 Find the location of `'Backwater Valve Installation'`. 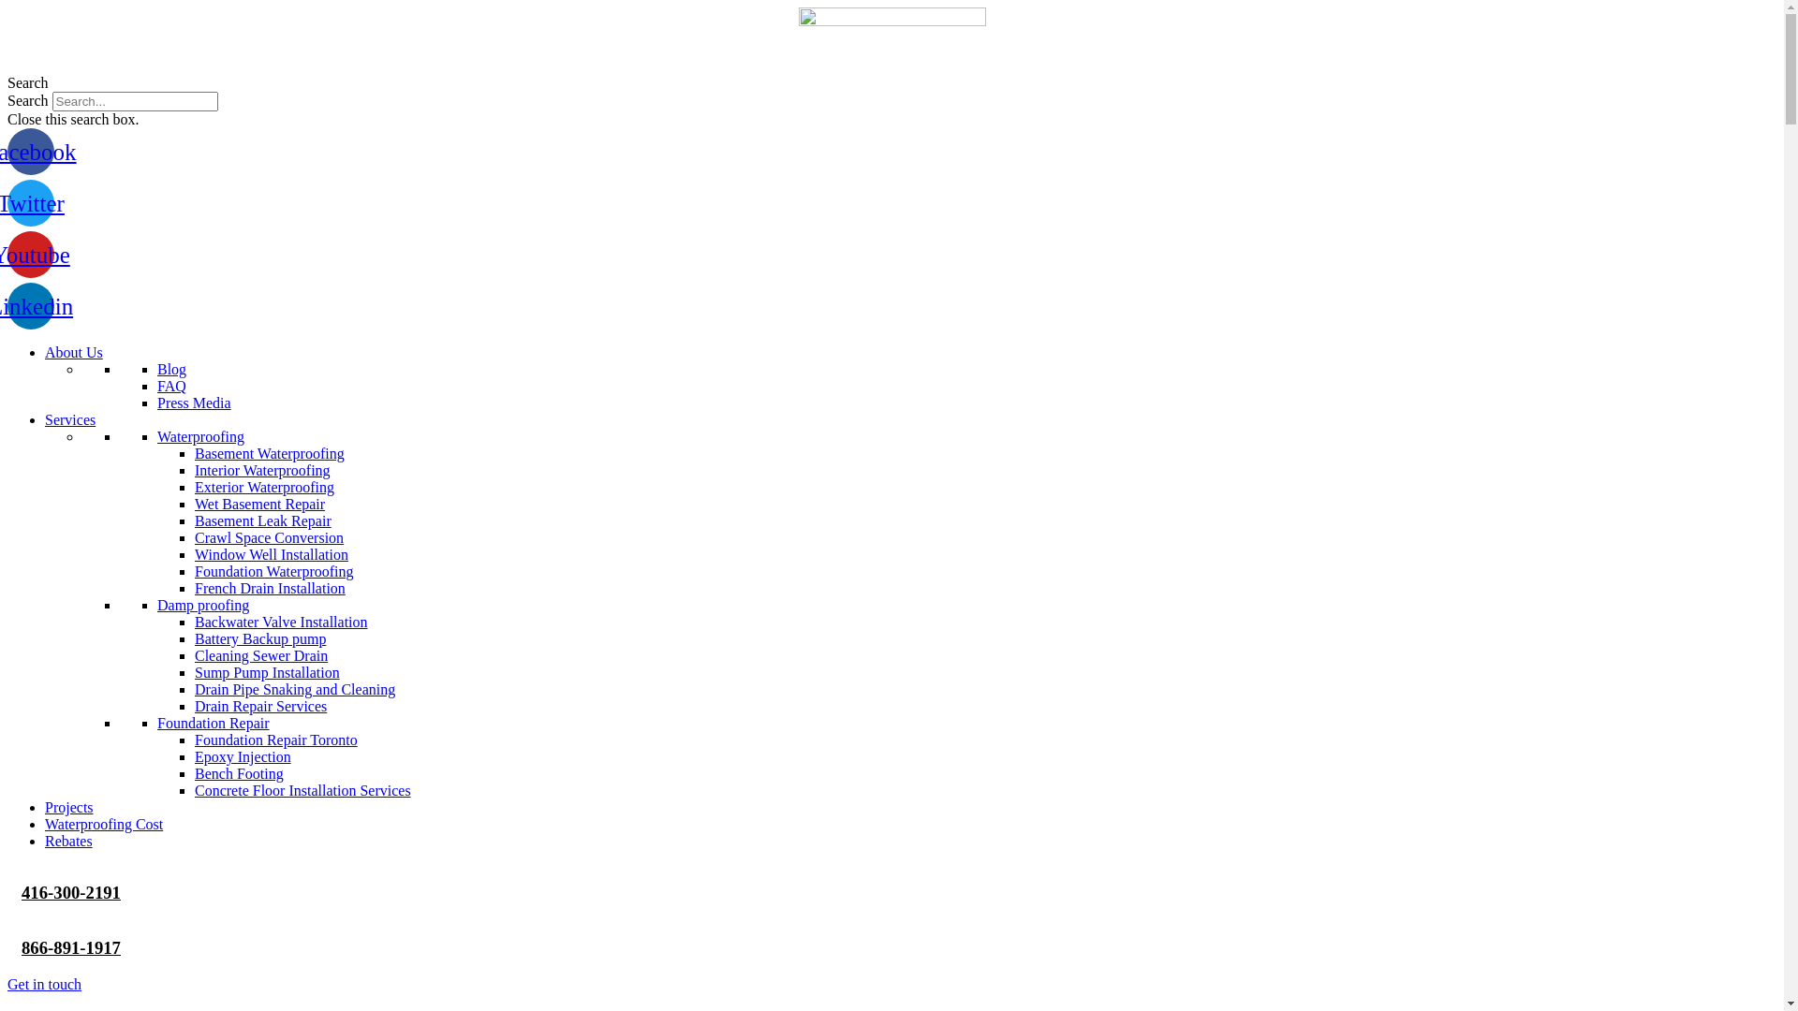

'Backwater Valve Installation' is located at coordinates (194, 622).